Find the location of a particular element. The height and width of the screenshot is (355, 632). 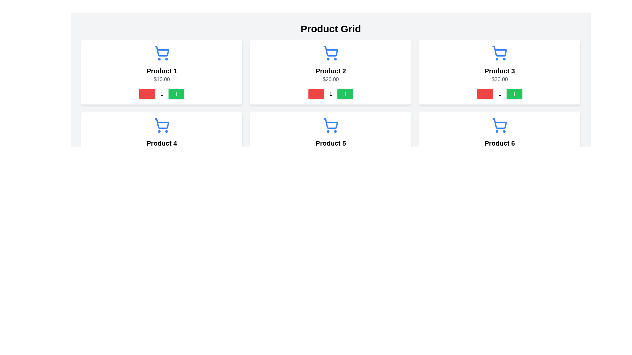

the text label that displays the product name located at the bottom center of the product card, just above the price label '$50.00' is located at coordinates (330, 143).